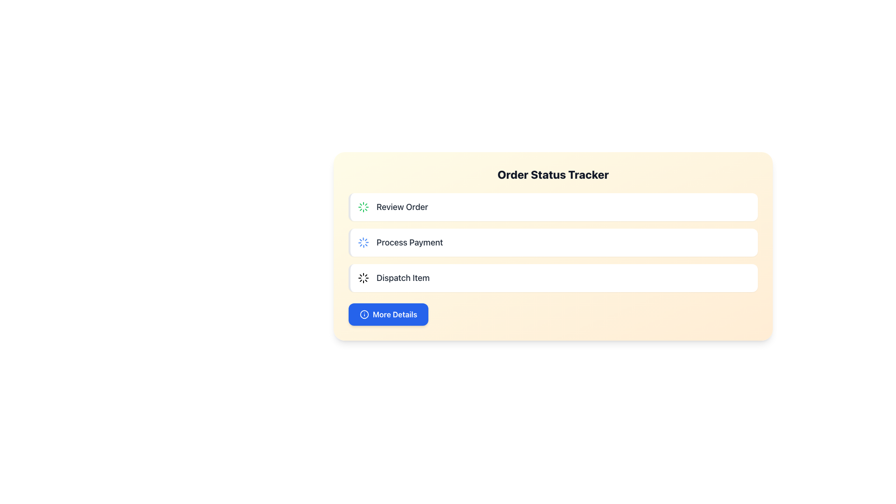 Image resolution: width=896 pixels, height=504 pixels. Describe the element at coordinates (553, 246) in the screenshot. I see `'Process Payment' step indicator in the order tracking interface to check its status` at that location.